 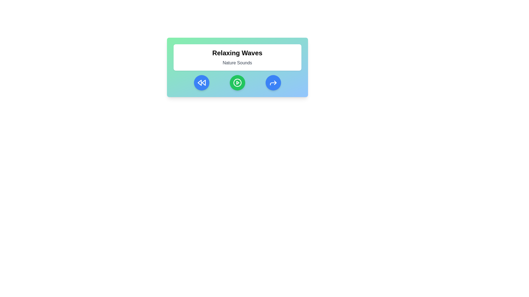 What do you see at coordinates (237, 82) in the screenshot?
I see `the play/pause button to toggle playback` at bounding box center [237, 82].